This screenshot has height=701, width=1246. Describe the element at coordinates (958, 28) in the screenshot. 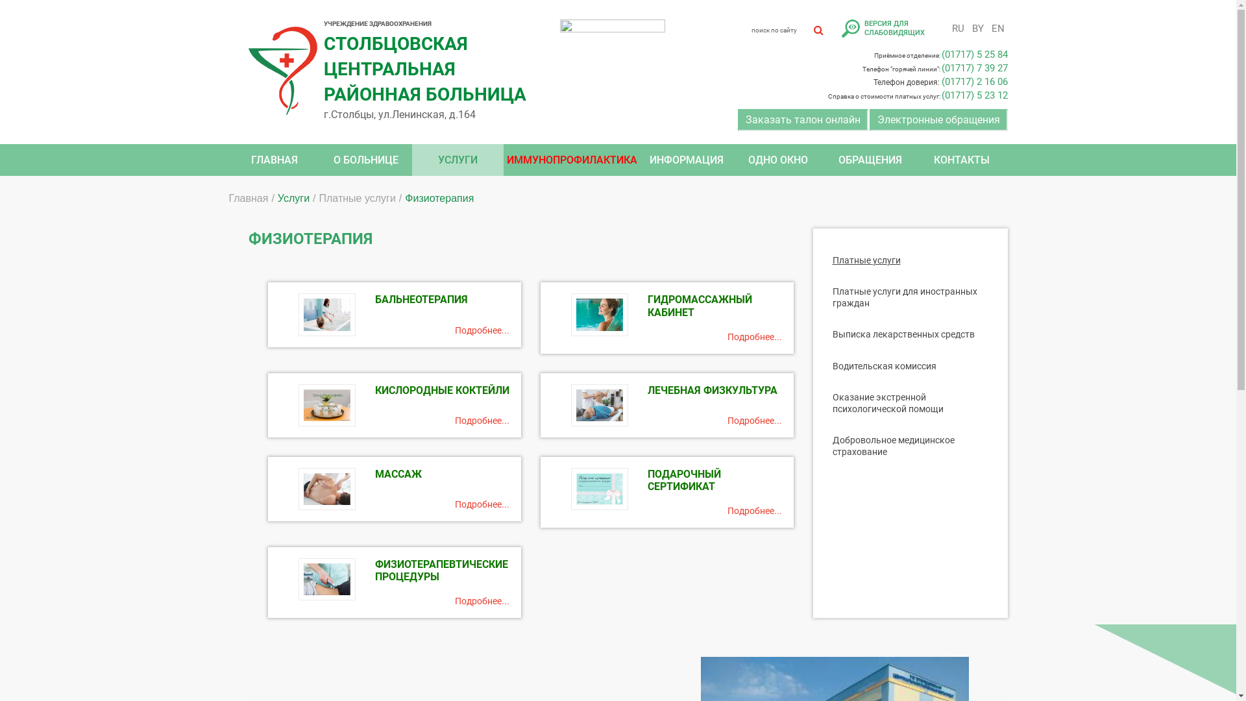

I see `'RU'` at that location.